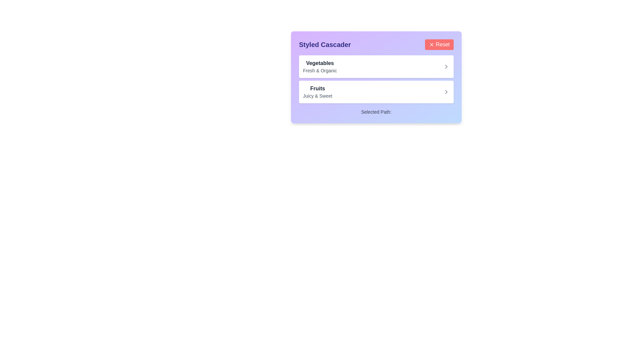 The height and width of the screenshot is (360, 640). What do you see at coordinates (317, 96) in the screenshot?
I see `the descriptive text label that displays 'Juicy & Sweet', which is styled in small gray font and located directly beneath the title 'Fruits'` at bounding box center [317, 96].